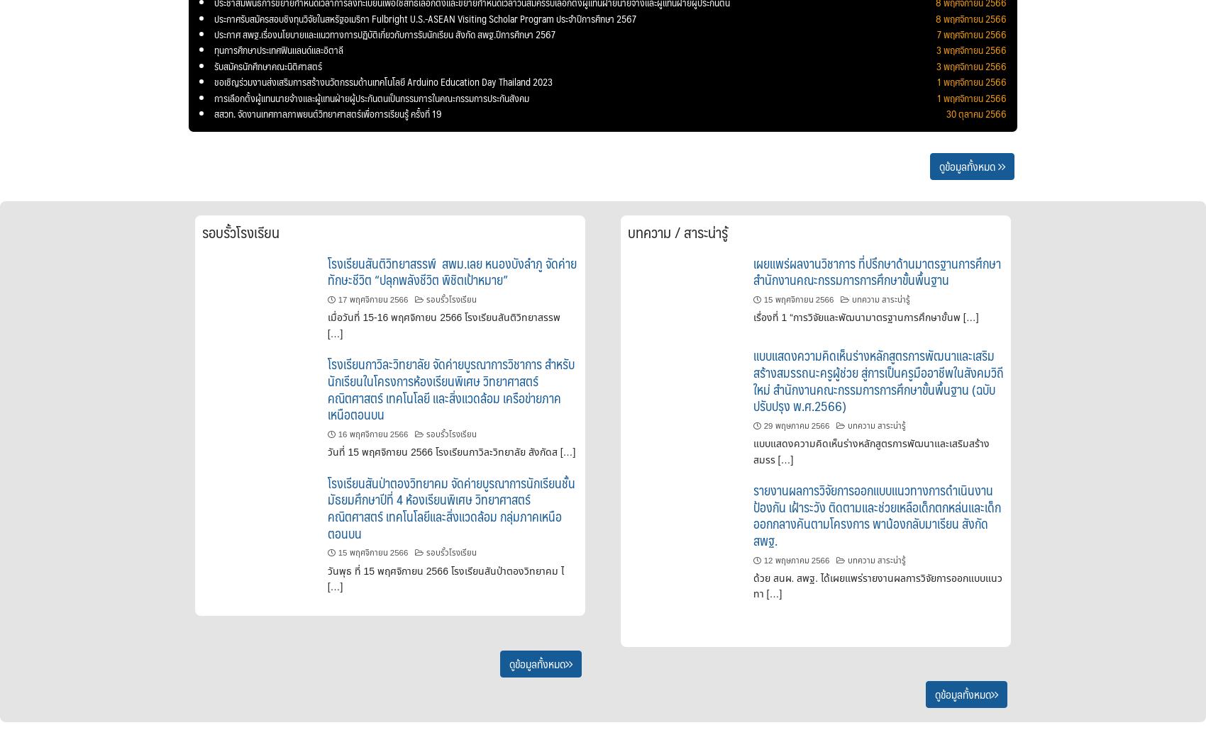  Describe the element at coordinates (796, 558) in the screenshot. I see `'12 พฤษภาคม 2566'` at that location.